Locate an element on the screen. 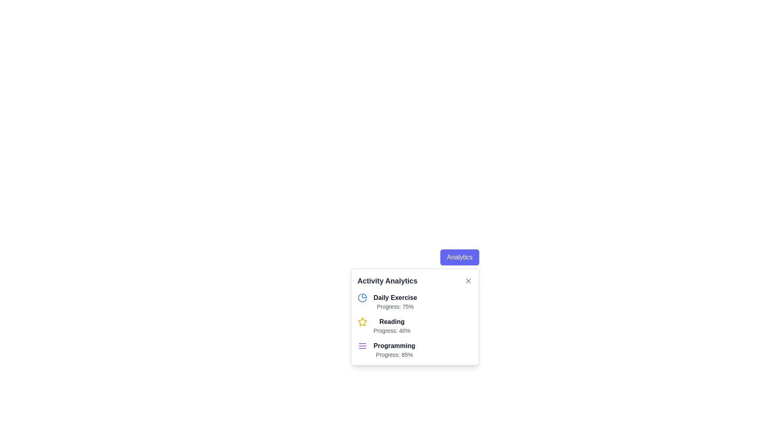 This screenshot has height=433, width=770. the text label indicating the current progress percentage for the activity 'Reading', which is located under the heading 'Reading' in the middle of the list displayed within the analytics card is located at coordinates (392, 331).